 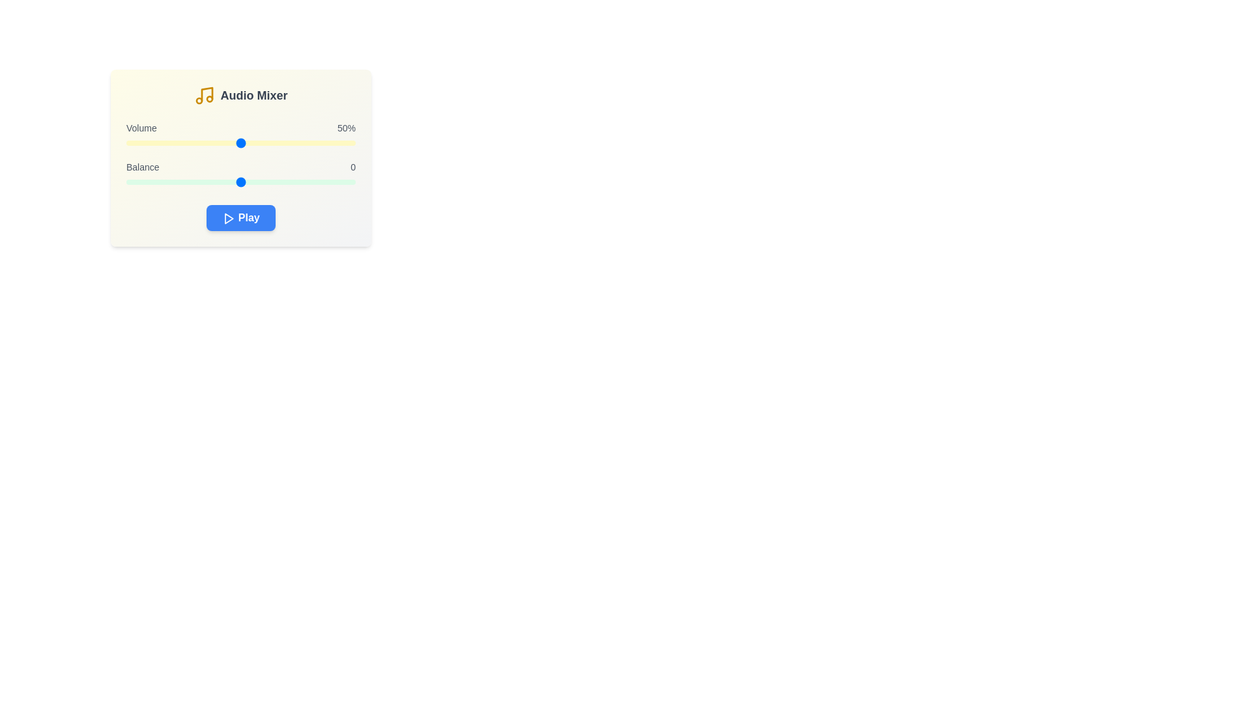 I want to click on balance, so click(x=238, y=182).